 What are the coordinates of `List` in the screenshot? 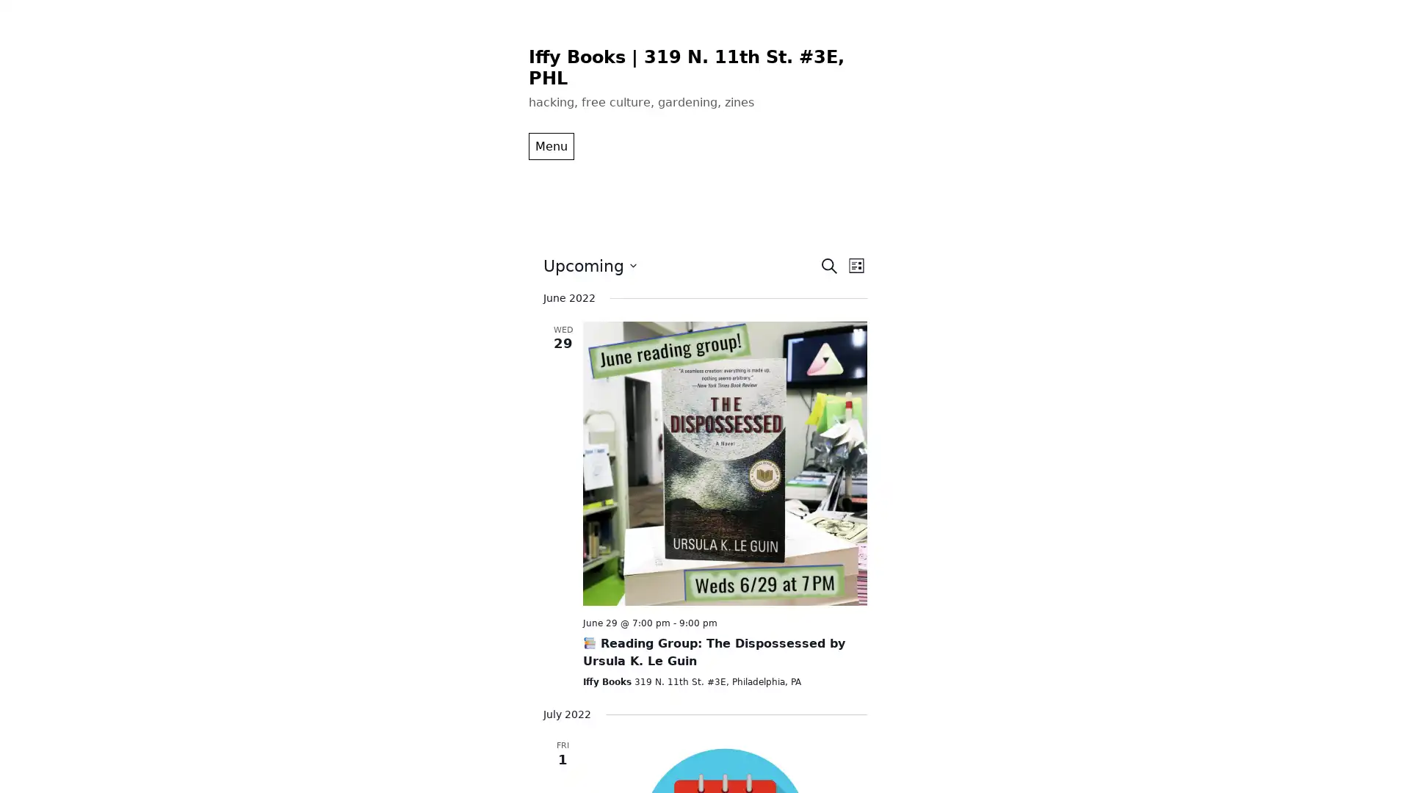 It's located at (856, 265).